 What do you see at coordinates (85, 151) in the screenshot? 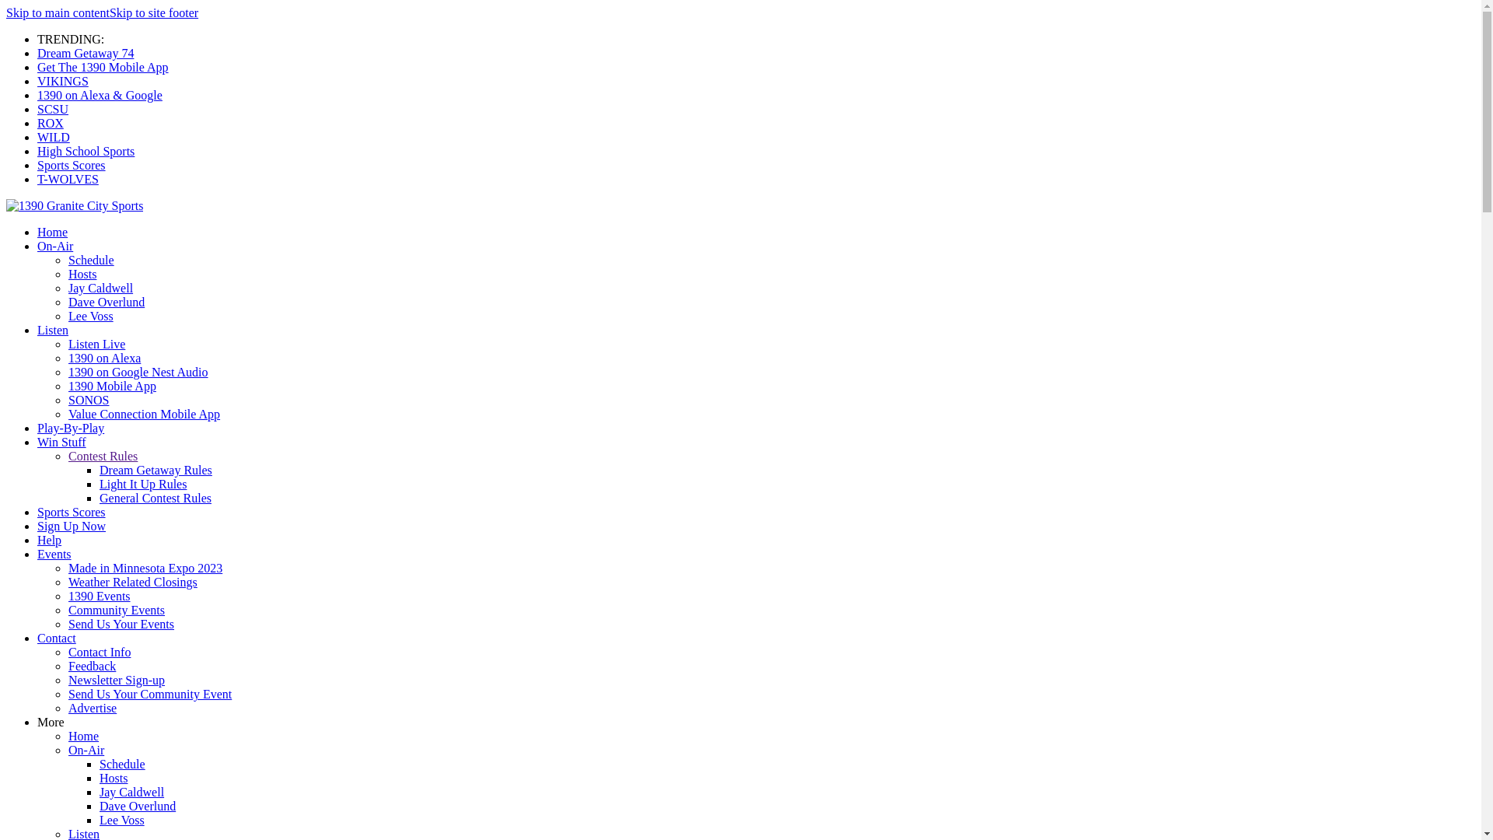
I see `'High School Sports'` at bounding box center [85, 151].